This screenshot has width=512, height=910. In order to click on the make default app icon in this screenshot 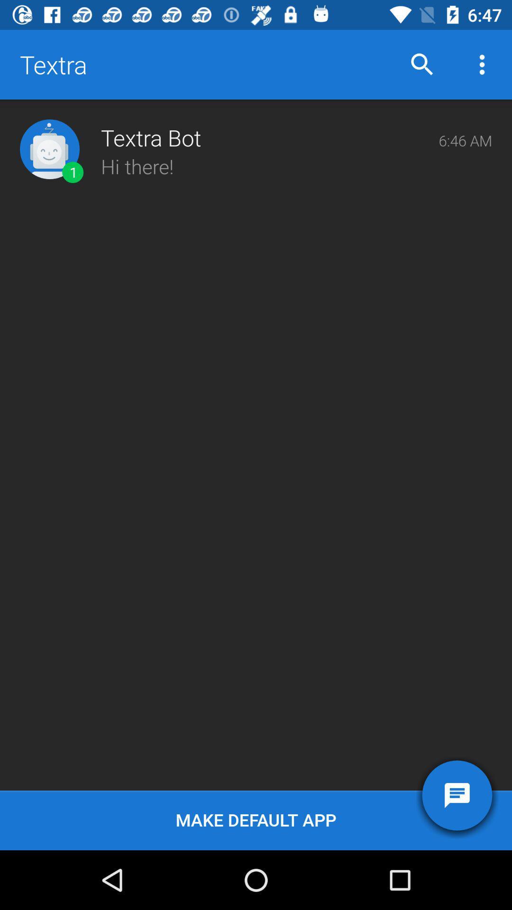, I will do `click(256, 820)`.